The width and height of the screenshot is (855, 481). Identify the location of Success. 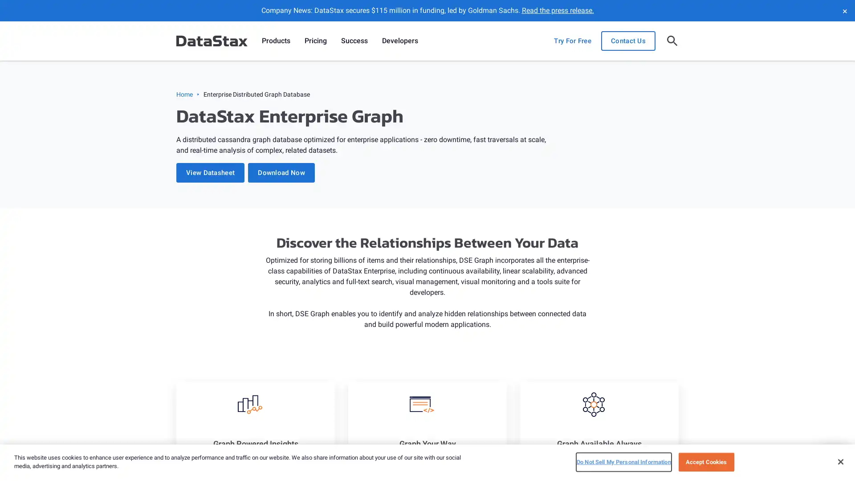
(354, 41).